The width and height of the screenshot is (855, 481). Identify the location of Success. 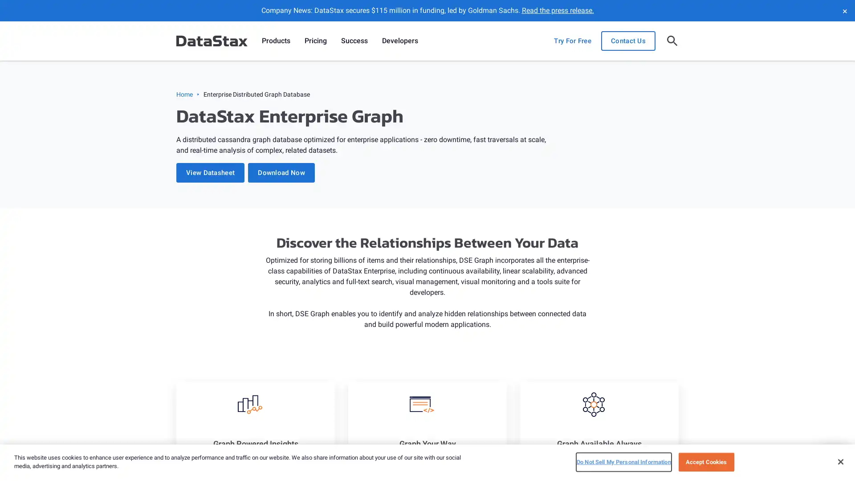
(354, 41).